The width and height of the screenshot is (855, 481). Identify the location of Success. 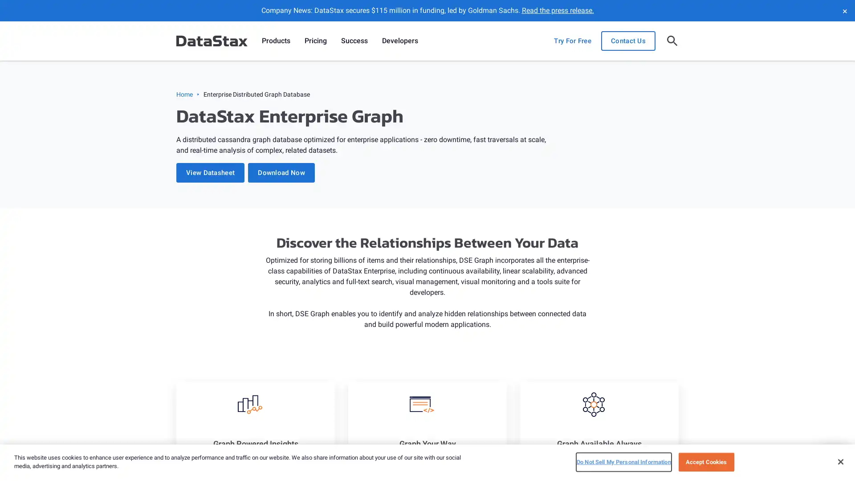
(354, 41).